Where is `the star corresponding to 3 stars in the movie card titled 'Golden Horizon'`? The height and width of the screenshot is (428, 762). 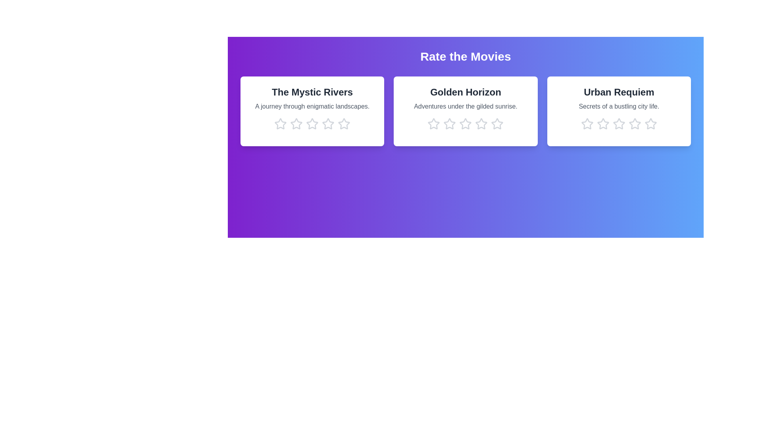
the star corresponding to 3 stars in the movie card titled 'Golden Horizon' is located at coordinates (466, 124).